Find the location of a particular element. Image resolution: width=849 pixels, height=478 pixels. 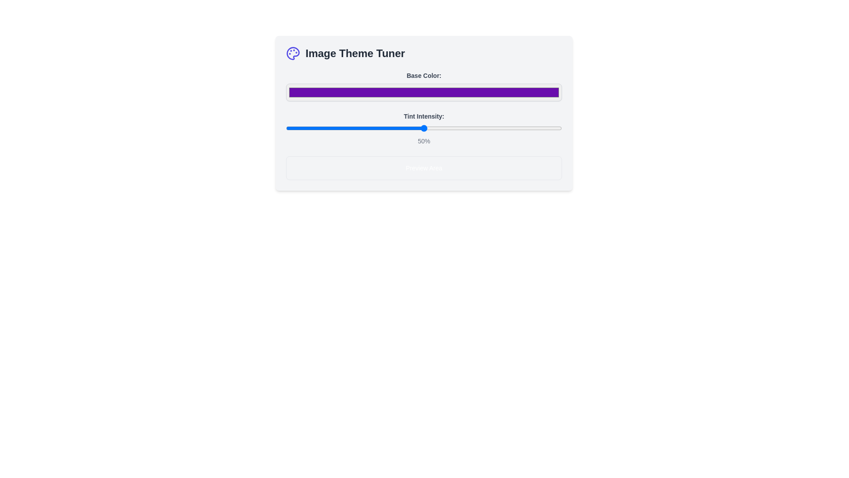

the color input field located directly below the 'Base Color:' label is located at coordinates (424, 92).